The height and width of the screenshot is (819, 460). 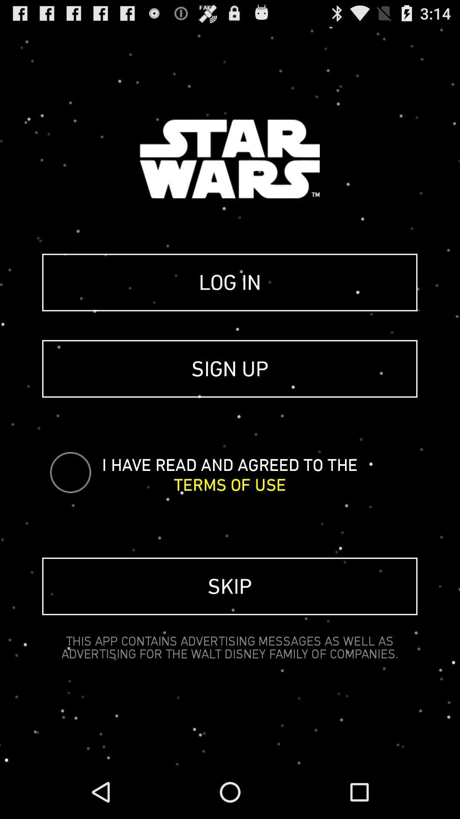 What do you see at coordinates (229, 369) in the screenshot?
I see `sign up icon` at bounding box center [229, 369].